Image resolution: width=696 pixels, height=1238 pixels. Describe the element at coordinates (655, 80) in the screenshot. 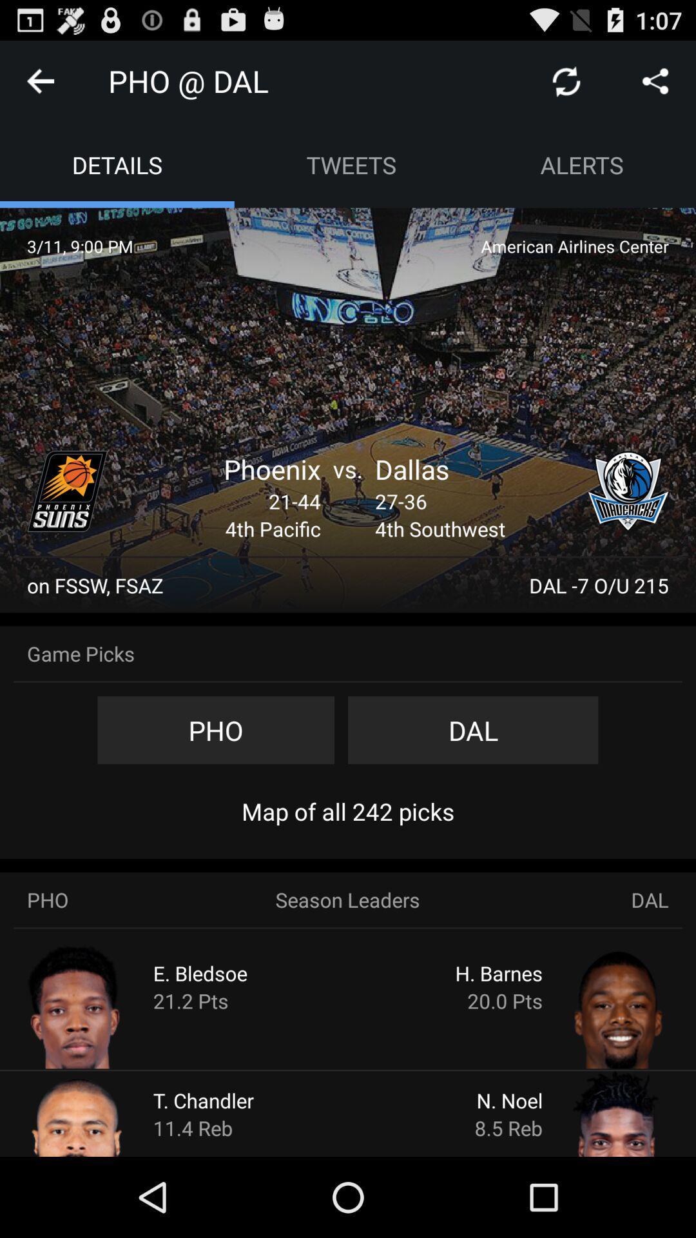

I see `share the article` at that location.